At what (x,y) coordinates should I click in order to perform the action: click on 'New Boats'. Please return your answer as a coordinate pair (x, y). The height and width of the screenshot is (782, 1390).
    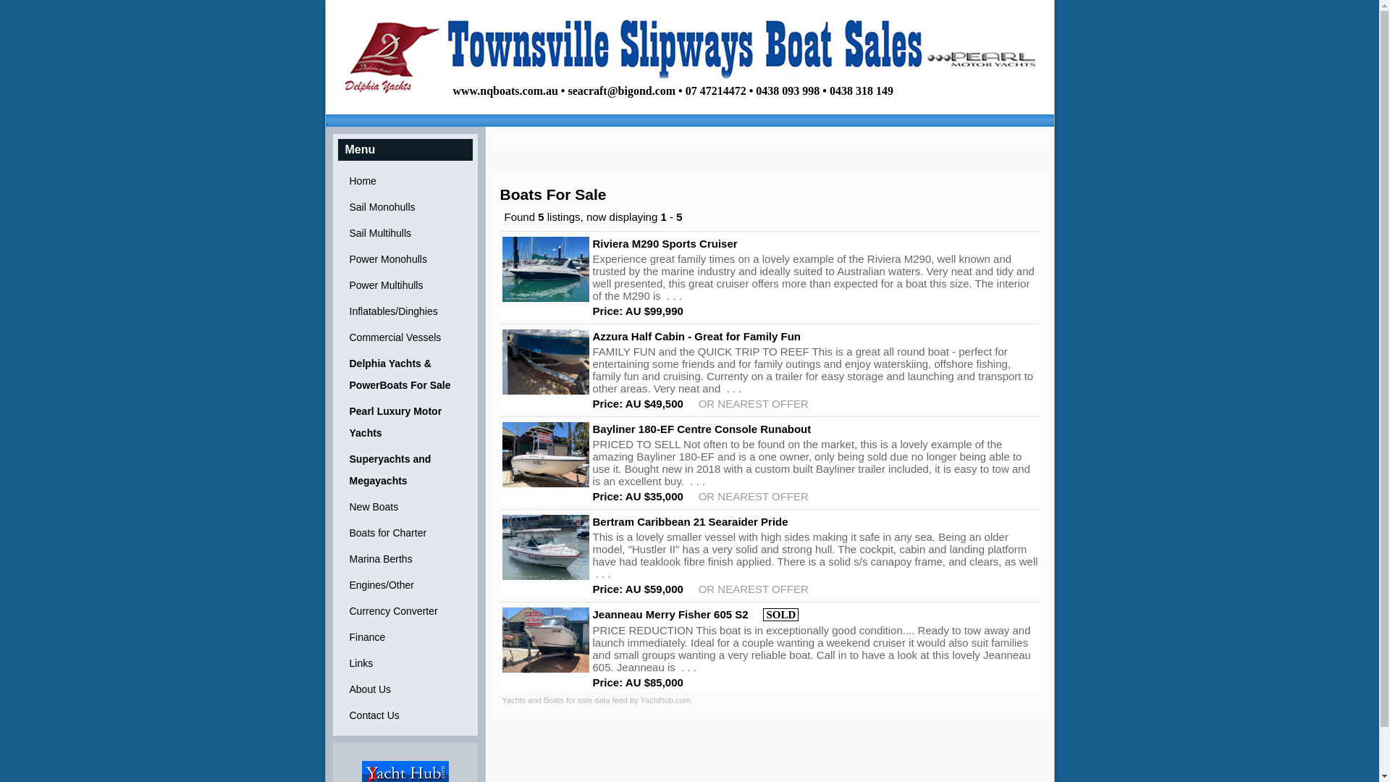
    Looking at the image, I should click on (340, 505).